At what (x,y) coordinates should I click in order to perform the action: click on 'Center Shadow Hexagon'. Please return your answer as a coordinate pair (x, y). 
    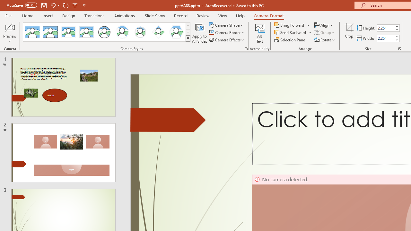
    Looking at the image, I should click on (176, 32).